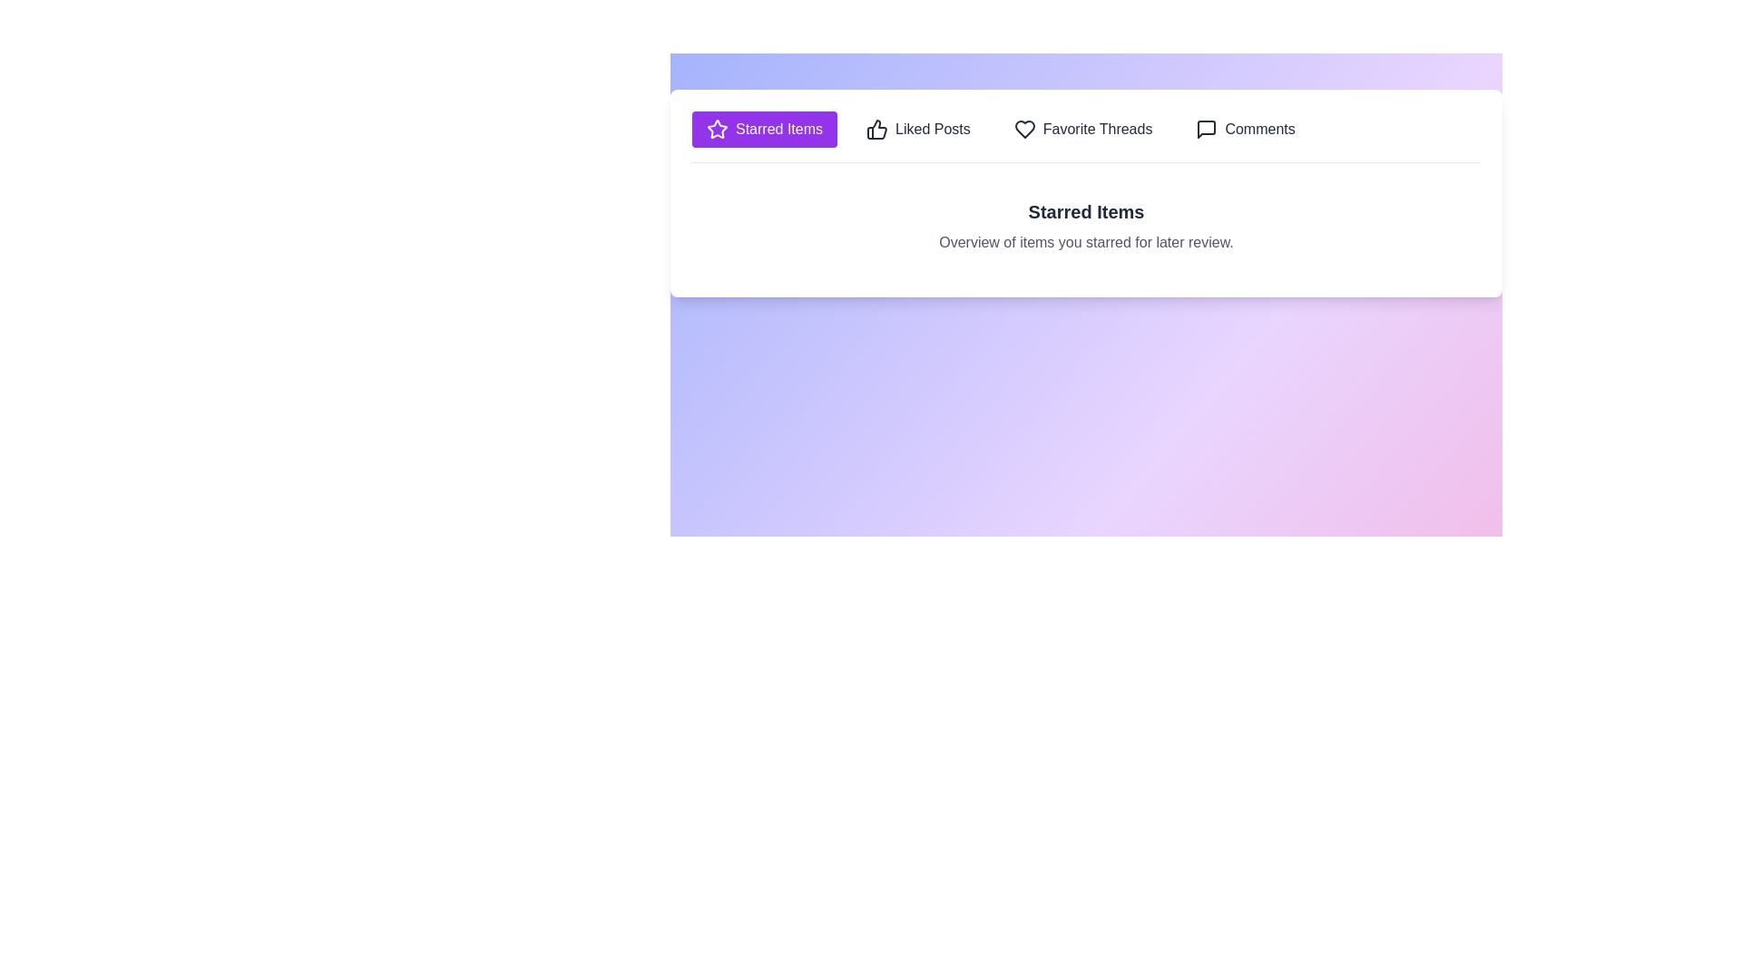 The image size is (1742, 979). Describe the element at coordinates (1244, 128) in the screenshot. I see `the tab labeled Comments` at that location.